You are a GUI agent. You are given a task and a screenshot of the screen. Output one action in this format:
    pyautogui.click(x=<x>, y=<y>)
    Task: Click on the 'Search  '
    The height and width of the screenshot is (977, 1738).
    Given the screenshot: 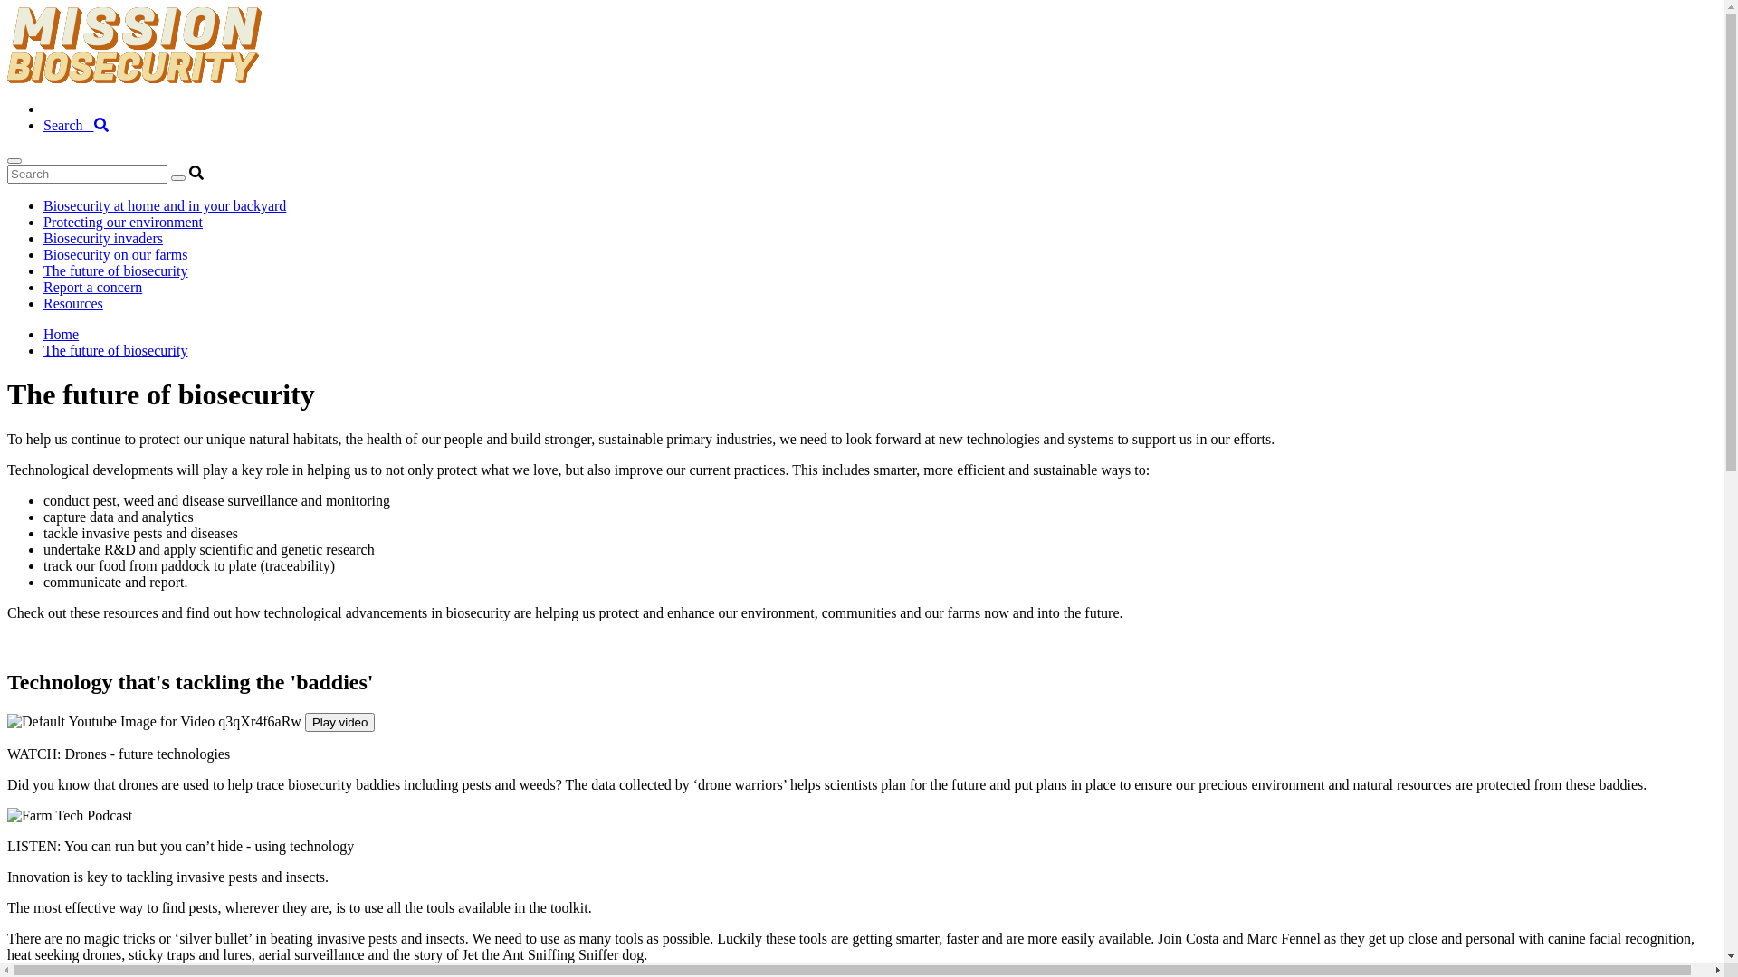 What is the action you would take?
    pyautogui.click(x=74, y=124)
    